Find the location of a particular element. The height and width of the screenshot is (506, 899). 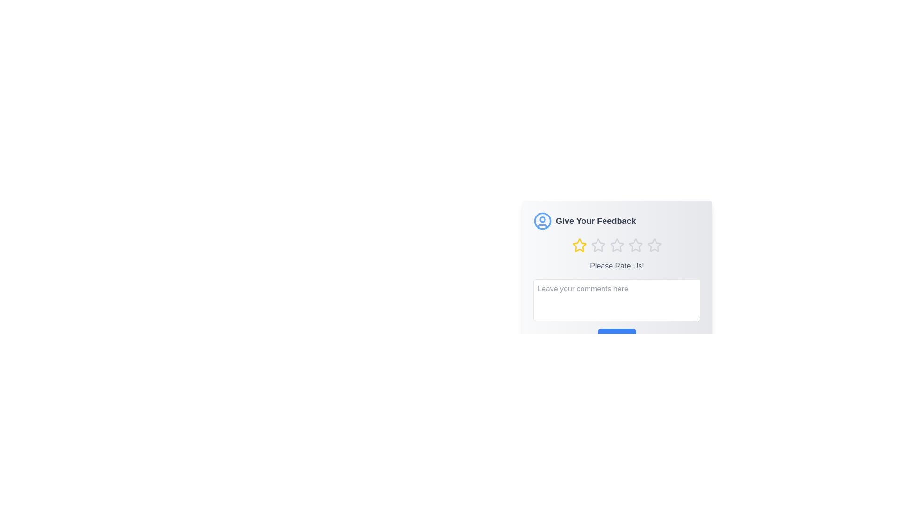

the outlined star icon, which is the fourth star in a row of five icons in the 'Please Rate Us!' section of the feedback form is located at coordinates (636, 245).